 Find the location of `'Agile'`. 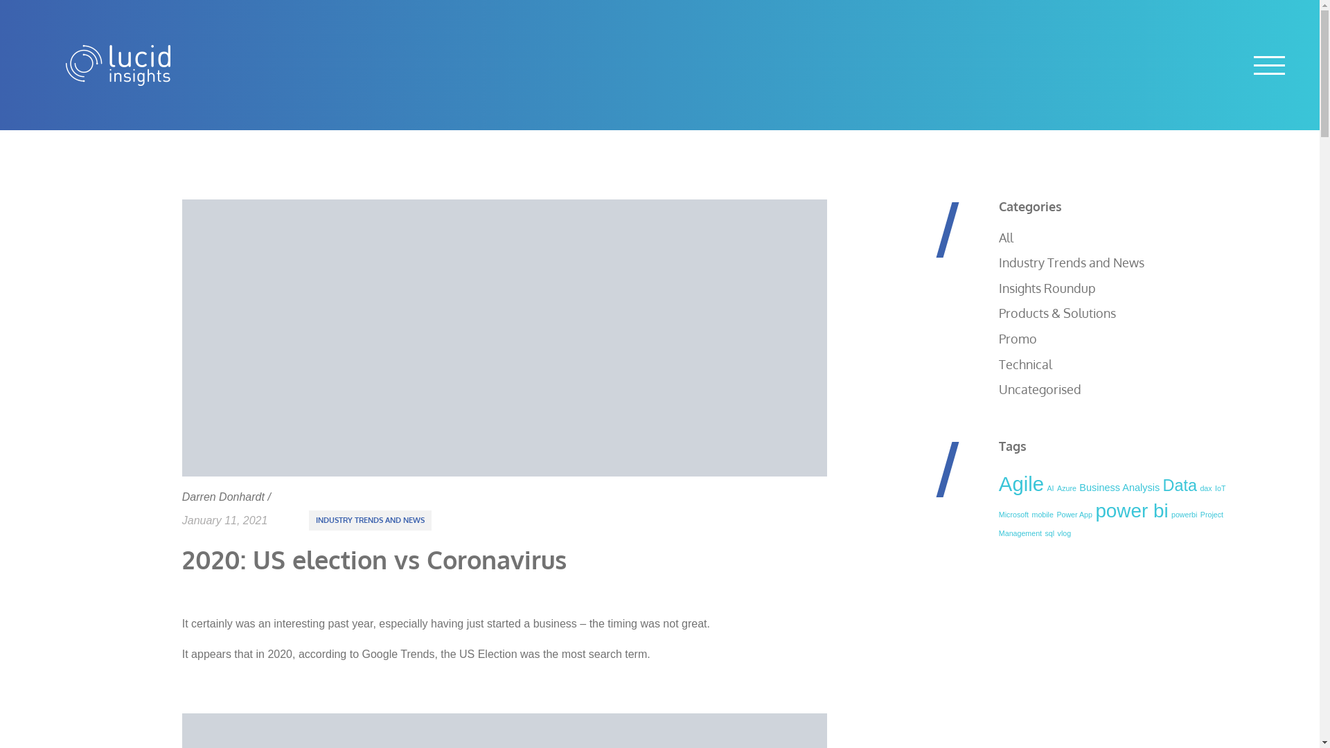

'Agile' is located at coordinates (1021, 483).